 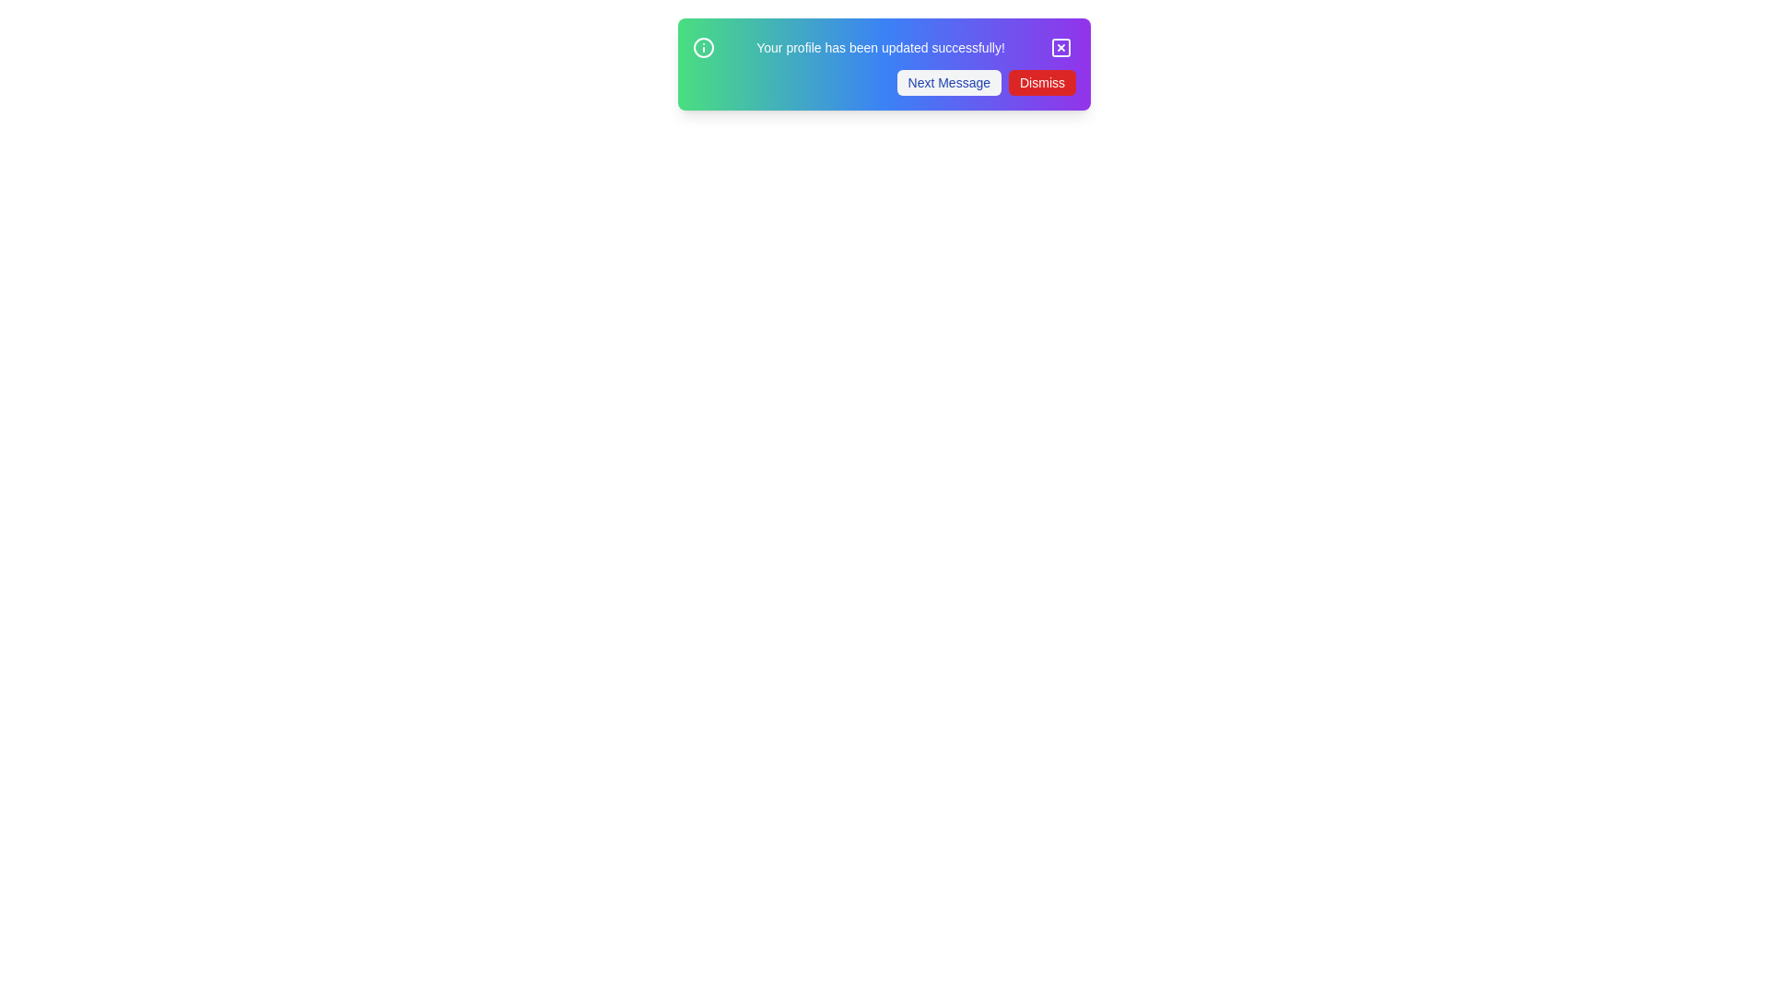 I want to click on 'Next Message' button to navigate to the next message, so click(x=949, y=81).